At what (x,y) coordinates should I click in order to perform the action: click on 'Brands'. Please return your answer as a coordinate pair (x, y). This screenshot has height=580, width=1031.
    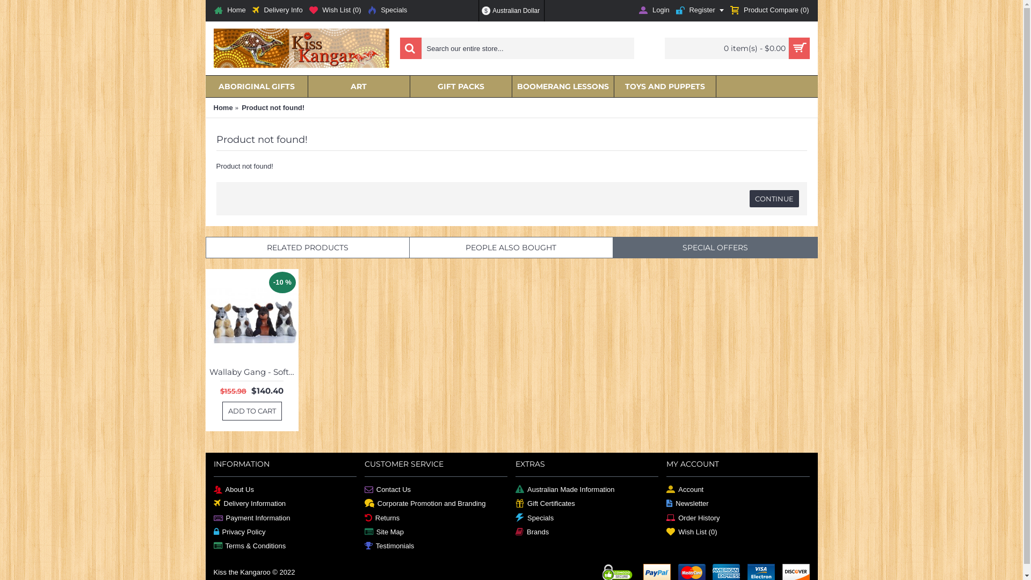
    Looking at the image, I should click on (586, 532).